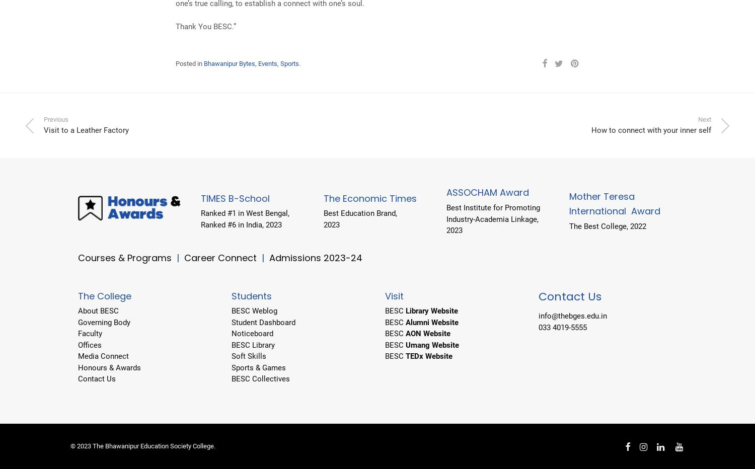  I want to click on 'Career Connect', so click(221, 257).